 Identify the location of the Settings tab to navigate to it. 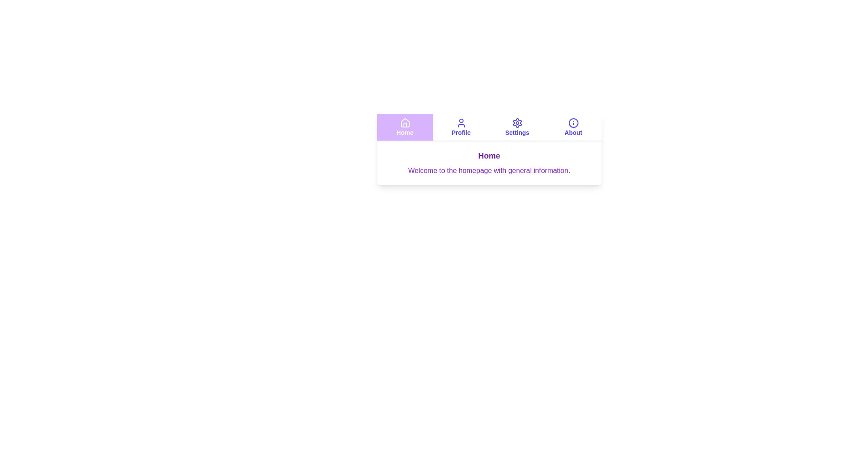
(517, 127).